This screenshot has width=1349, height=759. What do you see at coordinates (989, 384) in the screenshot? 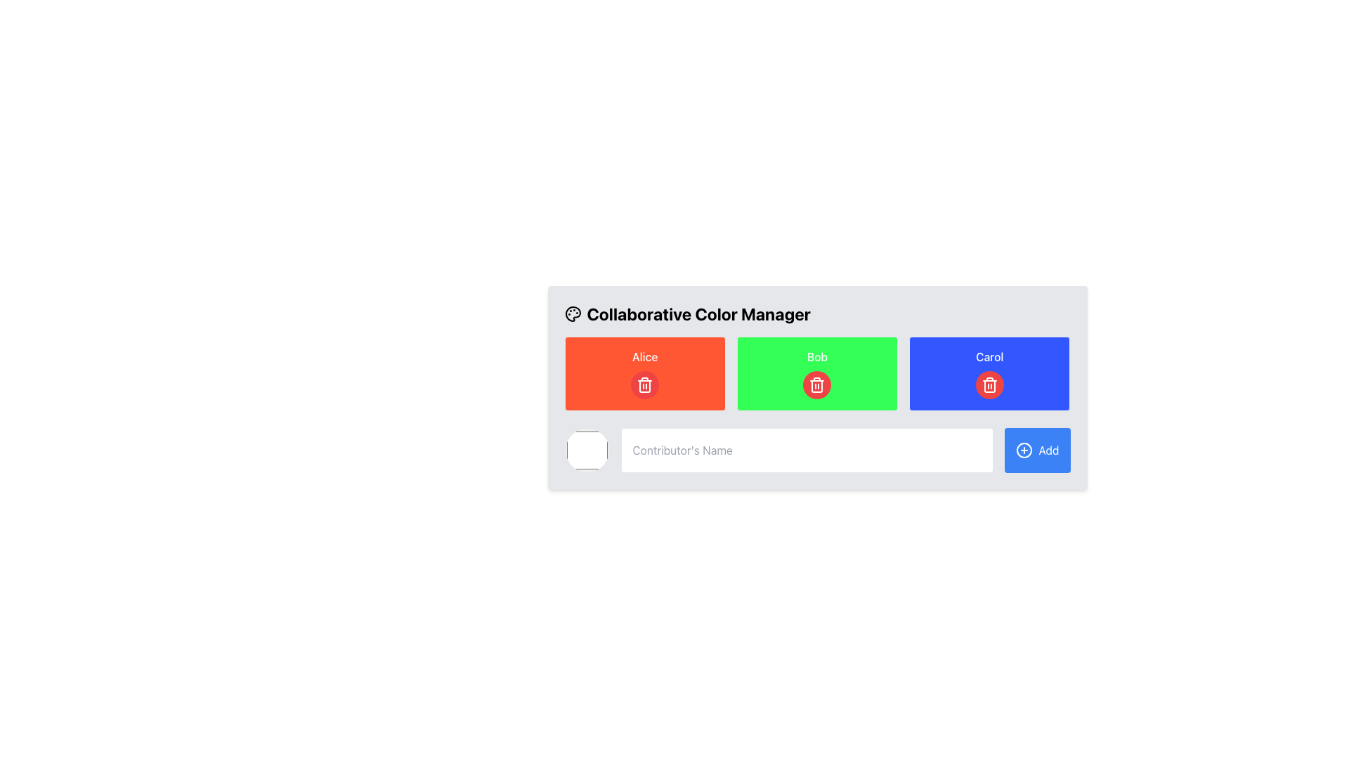
I see `the delete button located below the label 'Carol' in the third card to initiate the delete action for the user 'Carol'` at bounding box center [989, 384].